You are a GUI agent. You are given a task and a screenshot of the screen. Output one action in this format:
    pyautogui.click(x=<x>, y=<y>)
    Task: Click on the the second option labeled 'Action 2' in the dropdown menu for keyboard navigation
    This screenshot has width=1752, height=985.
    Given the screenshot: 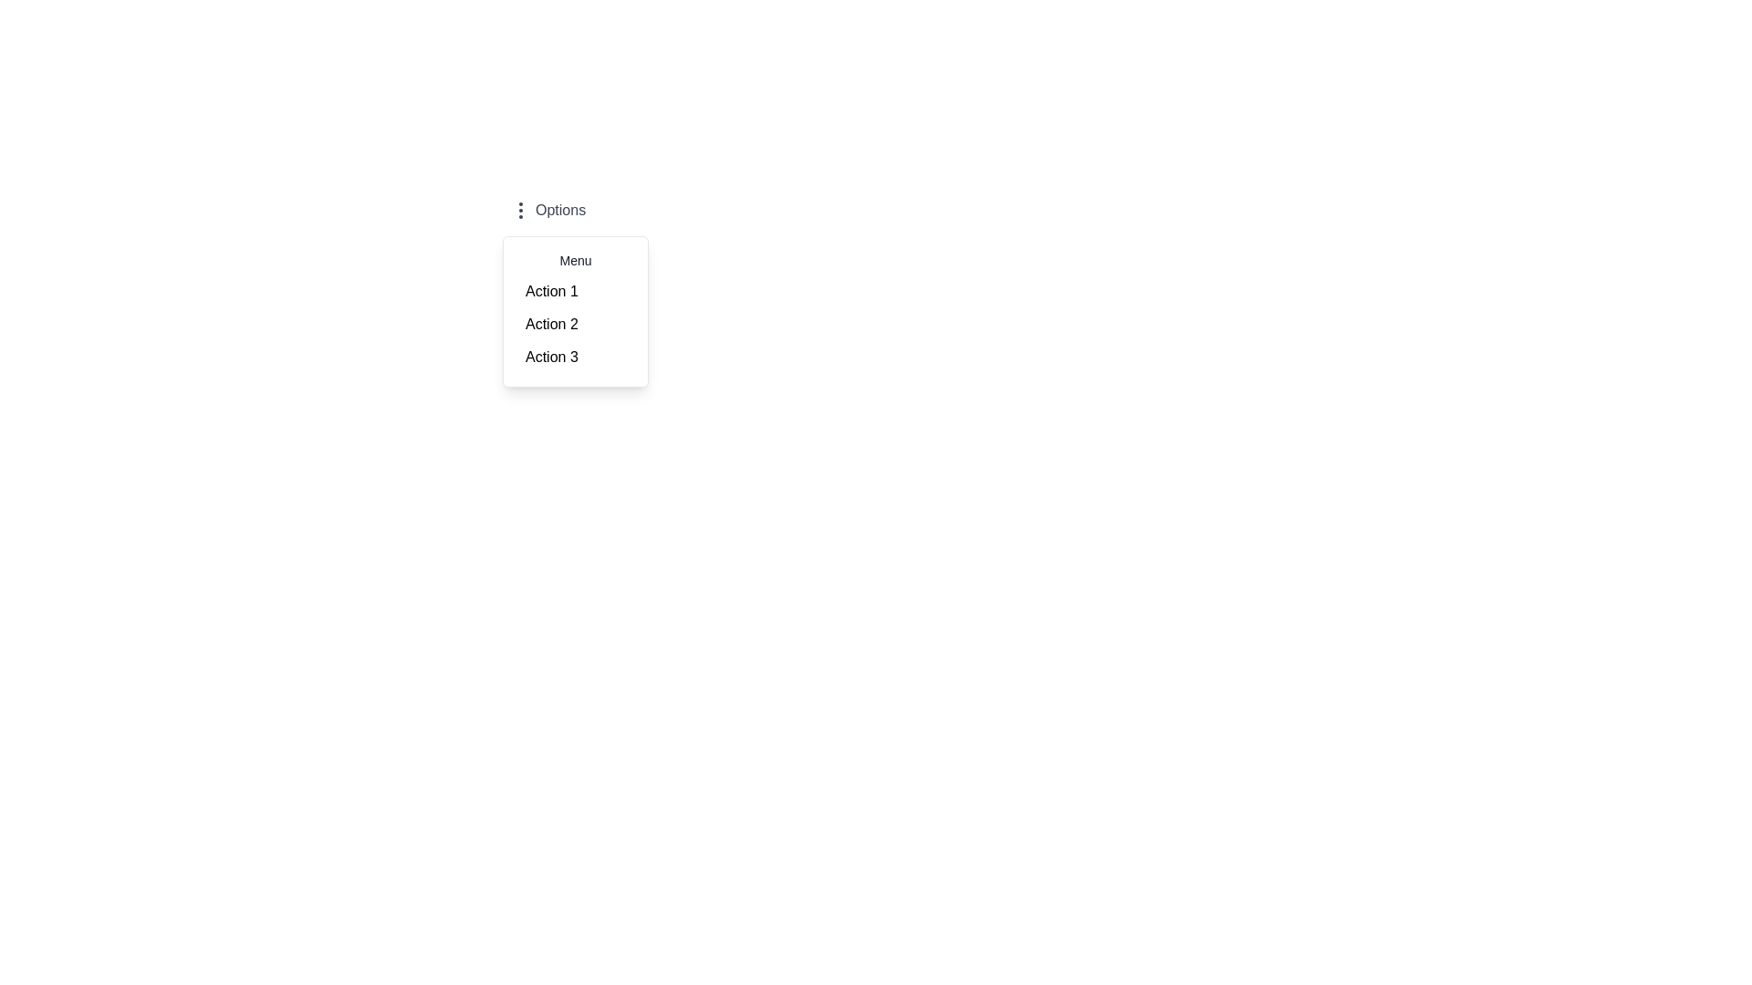 What is the action you would take?
    pyautogui.click(x=574, y=311)
    